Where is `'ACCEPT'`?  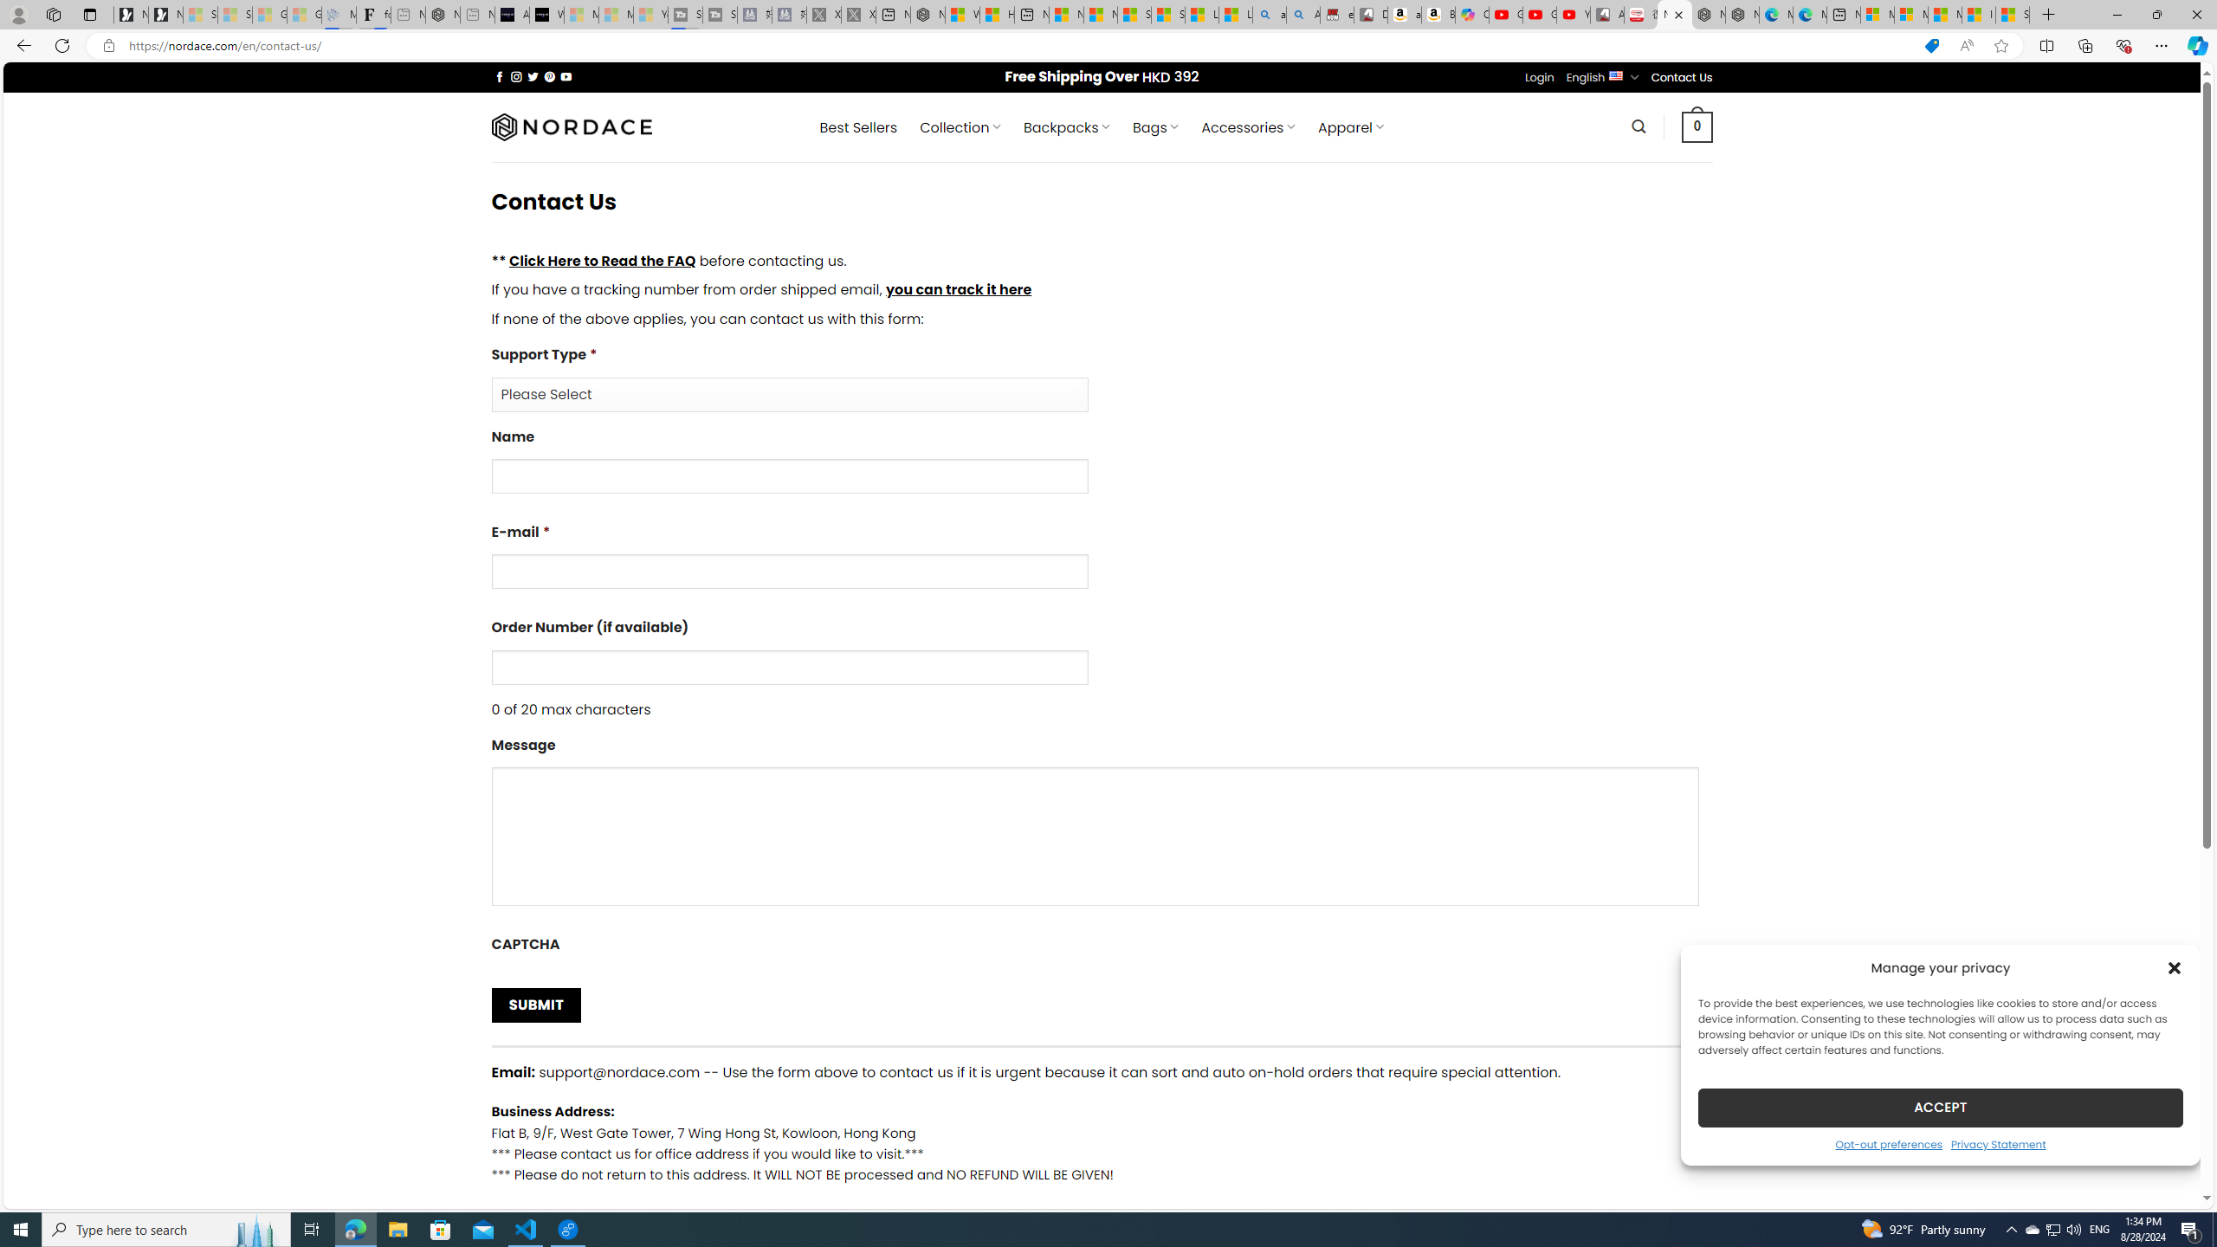
'ACCEPT' is located at coordinates (1941, 1107).